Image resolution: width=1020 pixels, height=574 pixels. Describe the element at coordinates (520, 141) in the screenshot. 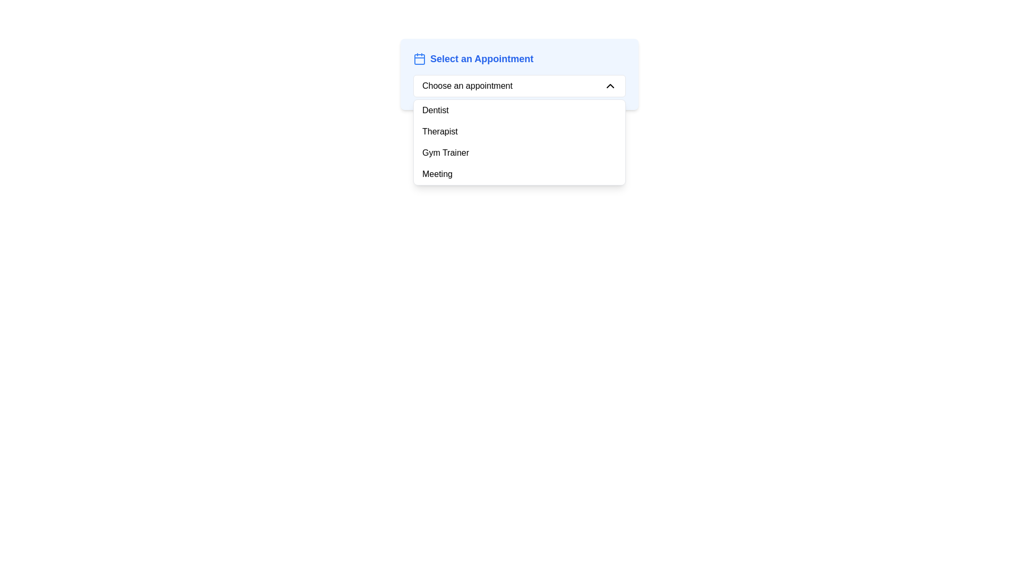

I see `the dropdown menu located directly below the 'Choose an appointment' button` at that location.